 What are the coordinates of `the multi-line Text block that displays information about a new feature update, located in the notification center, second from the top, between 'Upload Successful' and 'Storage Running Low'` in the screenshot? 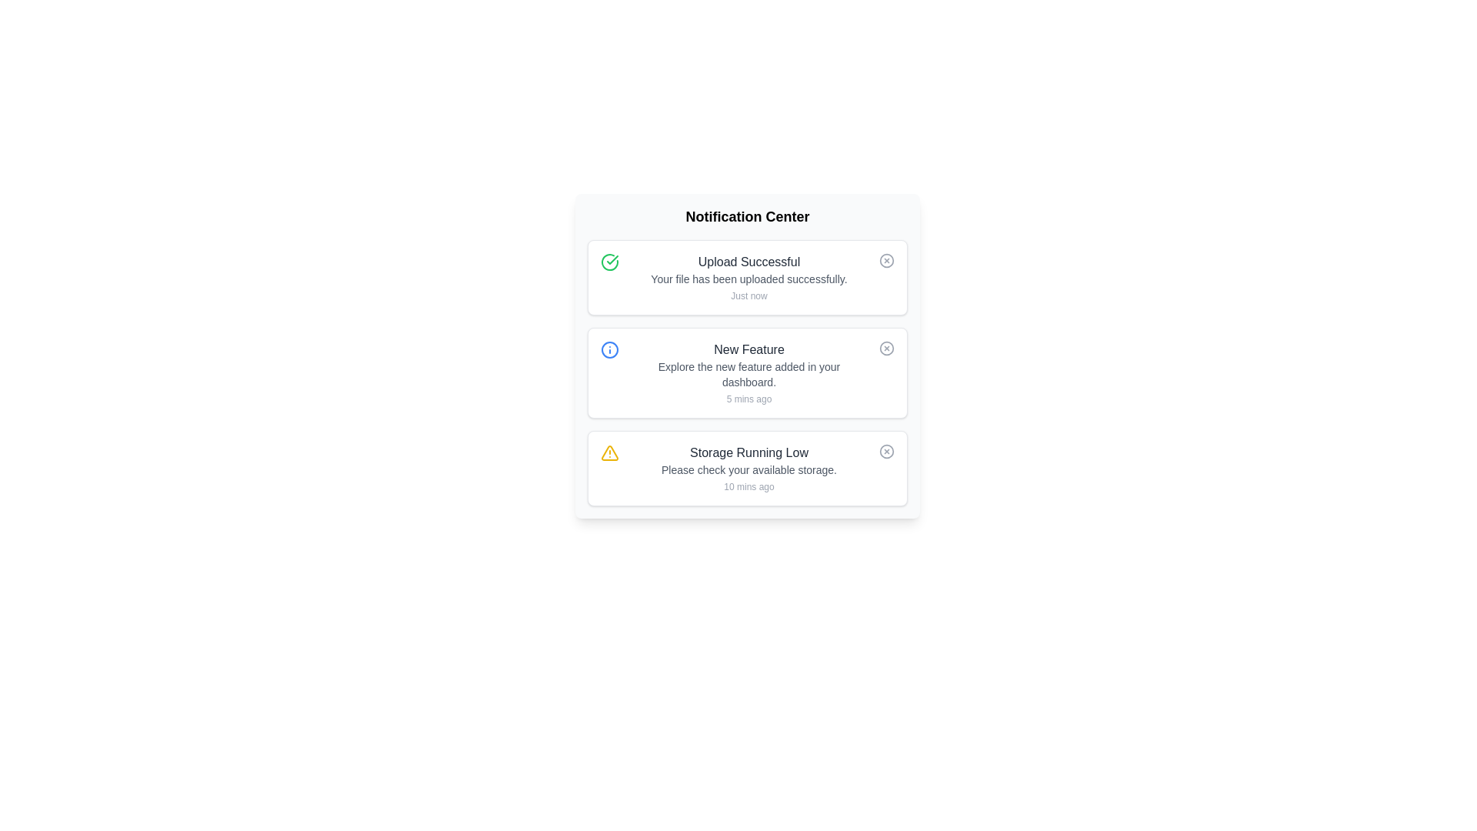 It's located at (749, 373).